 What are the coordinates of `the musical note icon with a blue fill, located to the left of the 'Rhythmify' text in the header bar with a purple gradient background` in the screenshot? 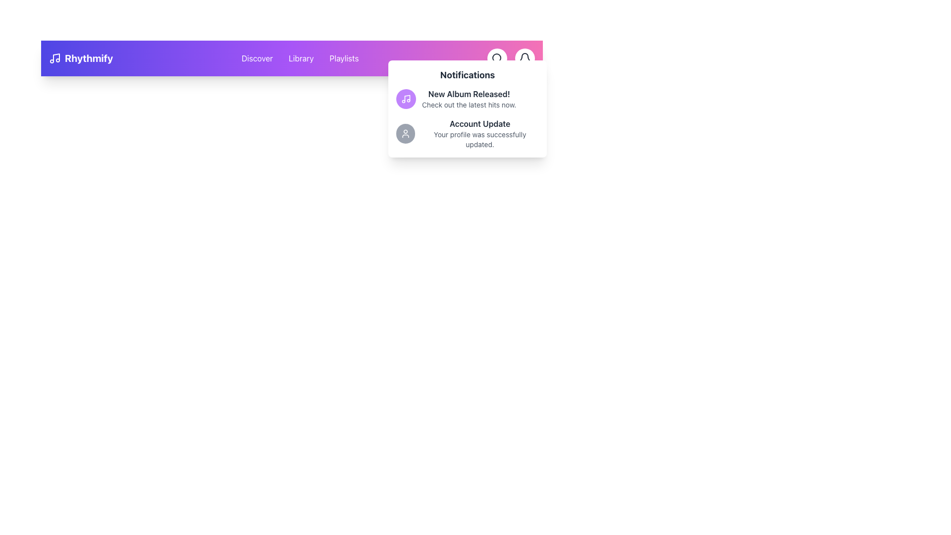 It's located at (54, 58).